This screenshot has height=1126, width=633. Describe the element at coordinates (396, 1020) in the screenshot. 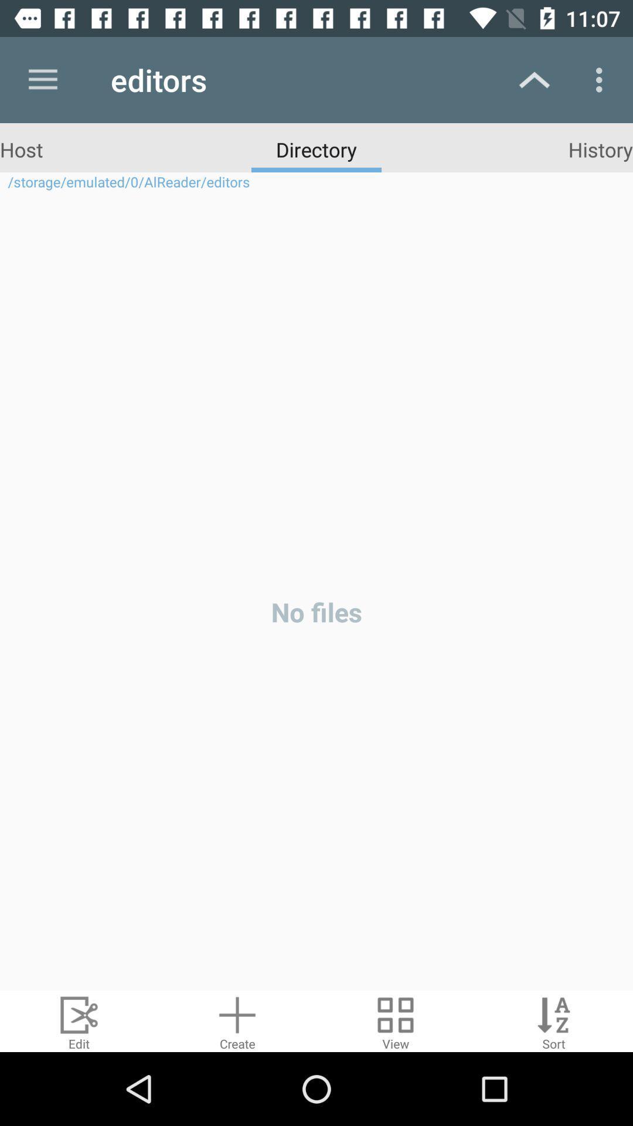

I see `display your files` at that location.